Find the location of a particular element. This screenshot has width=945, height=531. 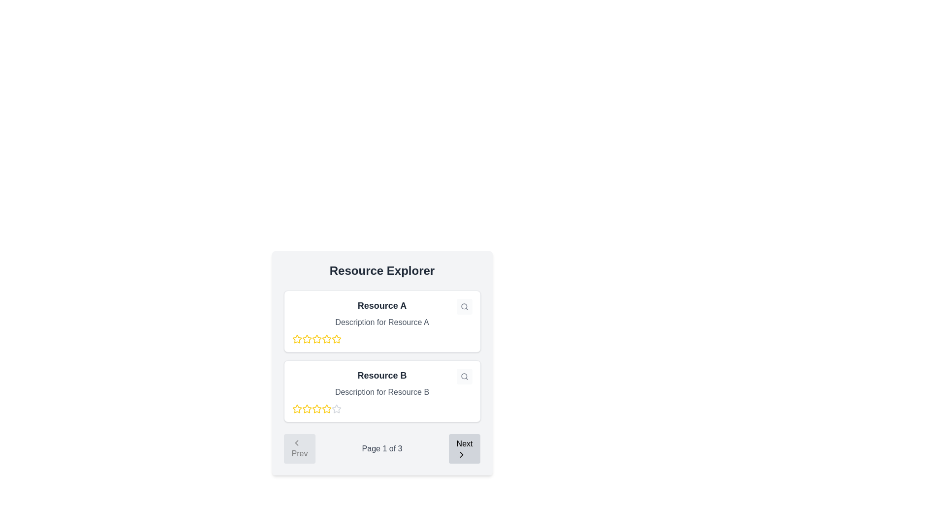

the right-pointing chevron arrow icon located on the far right side of the 'Next' button in the bottom-right corner of the resources panel is located at coordinates (461, 455).